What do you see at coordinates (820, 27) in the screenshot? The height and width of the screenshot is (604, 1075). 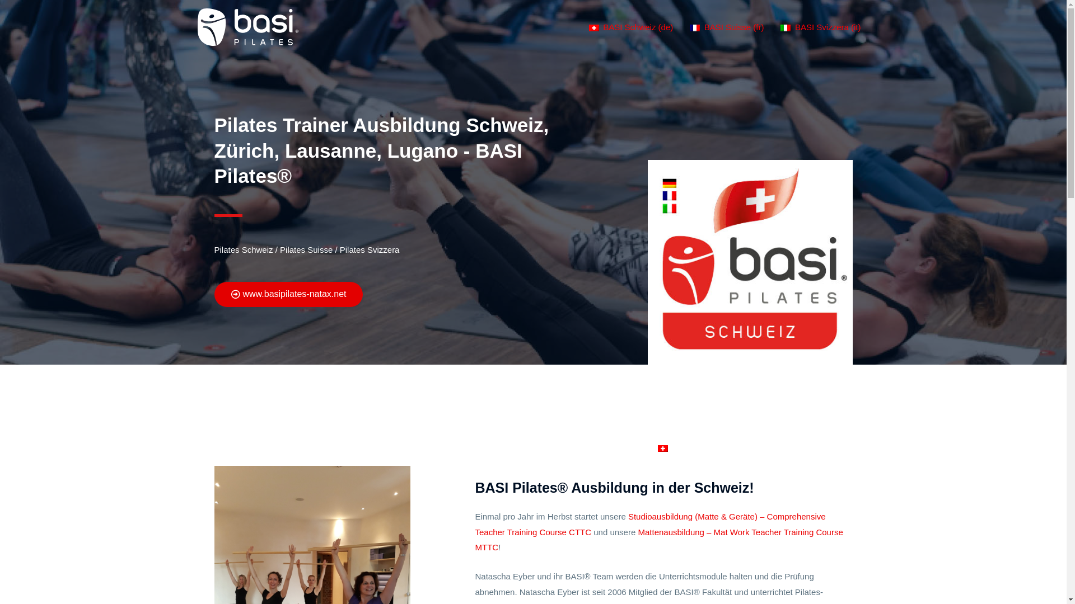 I see `'BASI Svizzera (it)'` at bounding box center [820, 27].